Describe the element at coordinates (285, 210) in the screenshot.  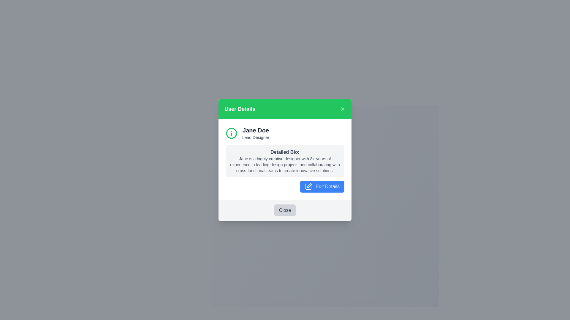
I see `the 'Close' button located at the bottom of the 'User Details' modal dialog box` at that location.